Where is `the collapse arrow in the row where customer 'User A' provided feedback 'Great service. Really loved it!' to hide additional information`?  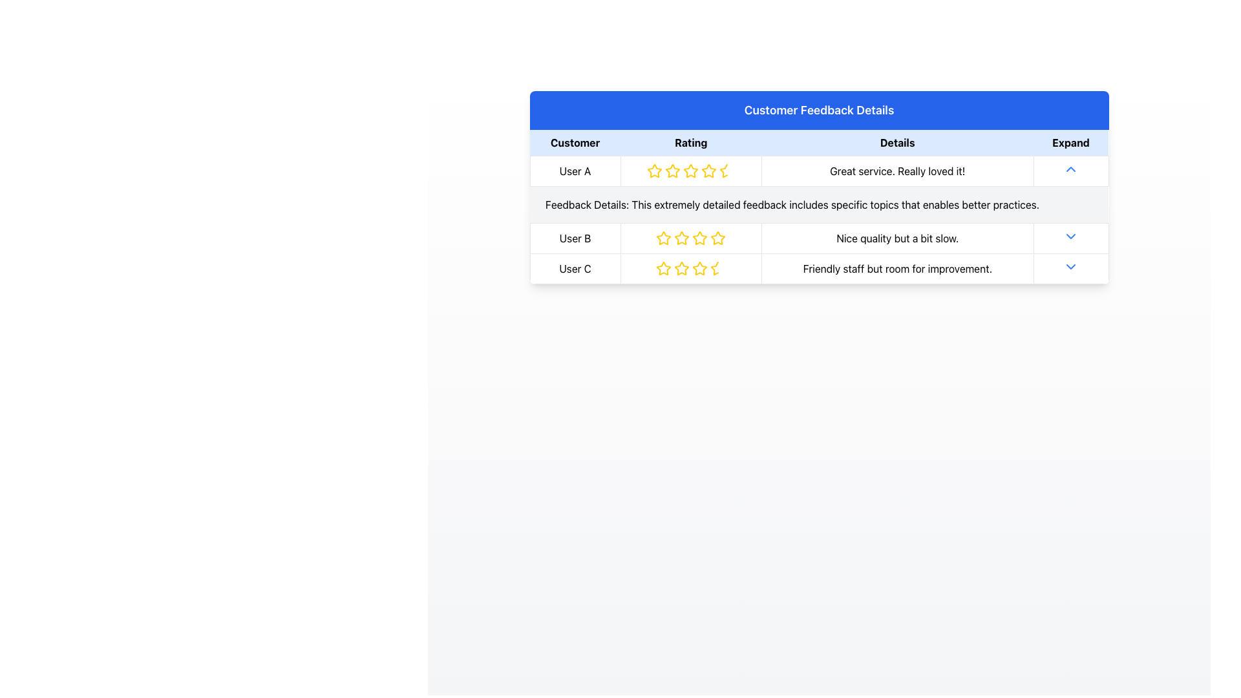
the collapse arrow in the row where customer 'User A' provided feedback 'Great service. Really loved it!' to hide additional information is located at coordinates (1071, 171).